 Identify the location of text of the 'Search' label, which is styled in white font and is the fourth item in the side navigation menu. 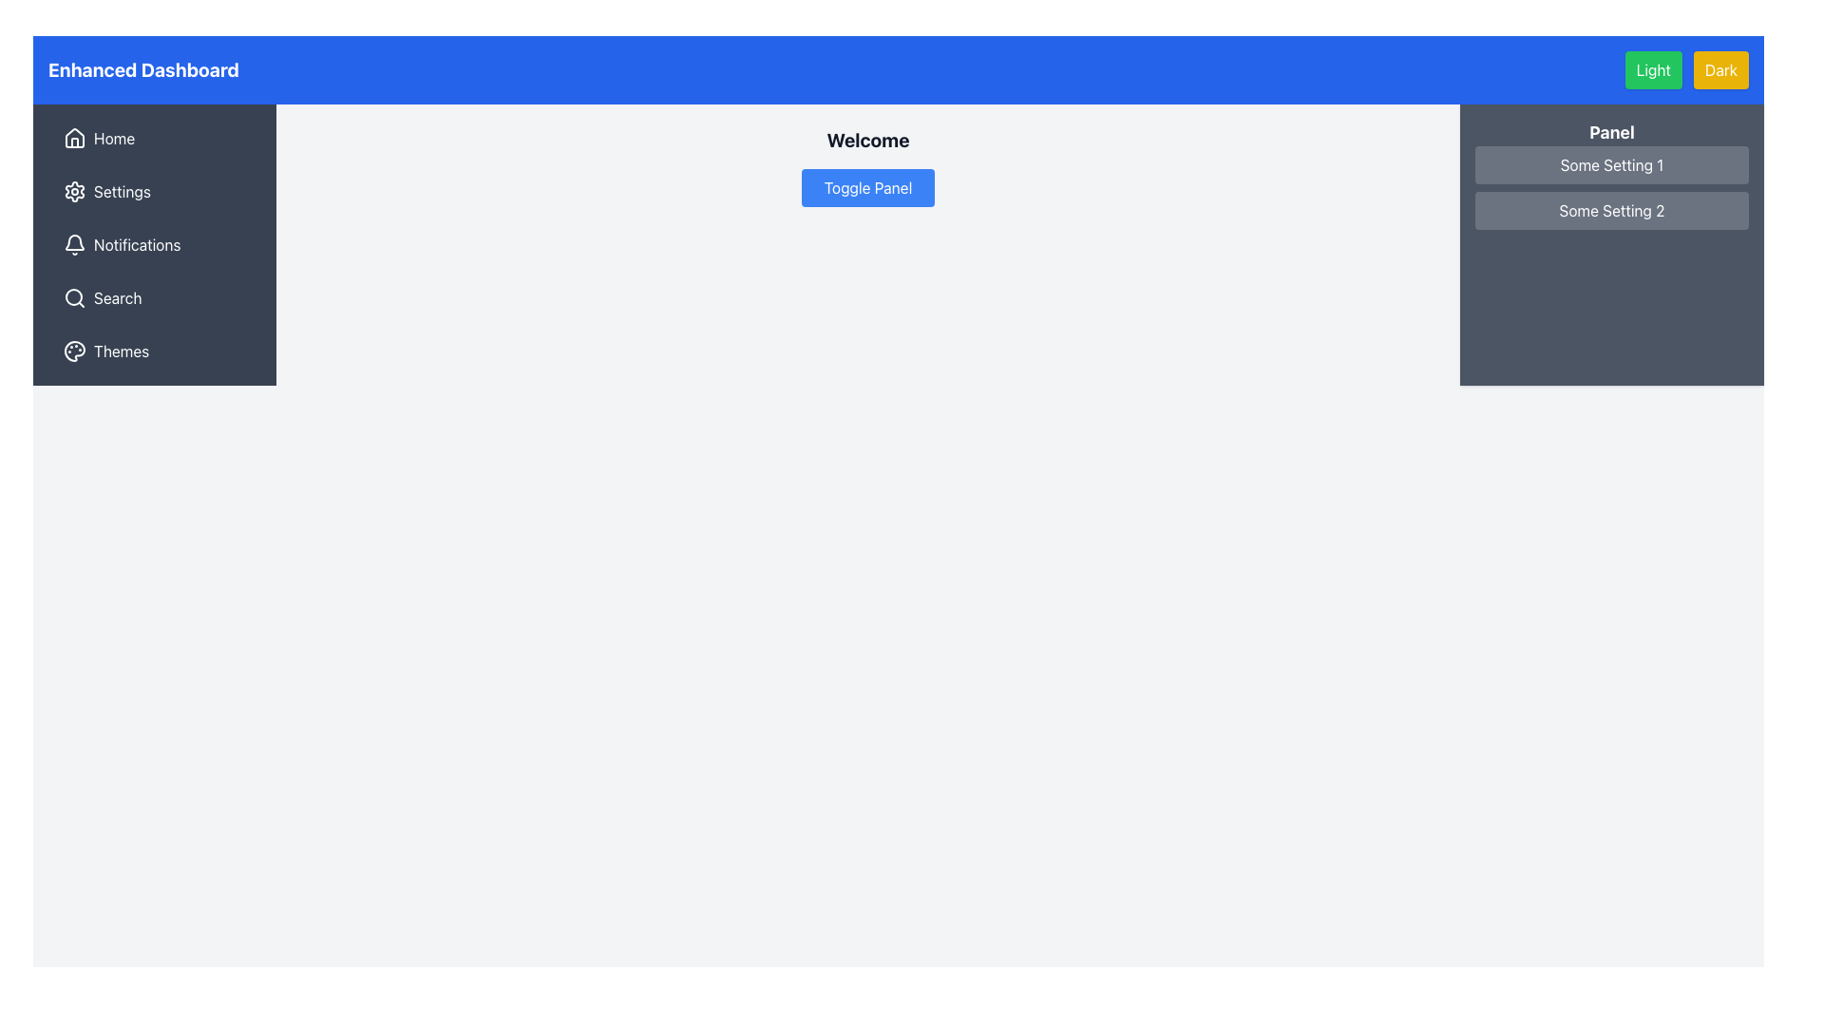
(117, 297).